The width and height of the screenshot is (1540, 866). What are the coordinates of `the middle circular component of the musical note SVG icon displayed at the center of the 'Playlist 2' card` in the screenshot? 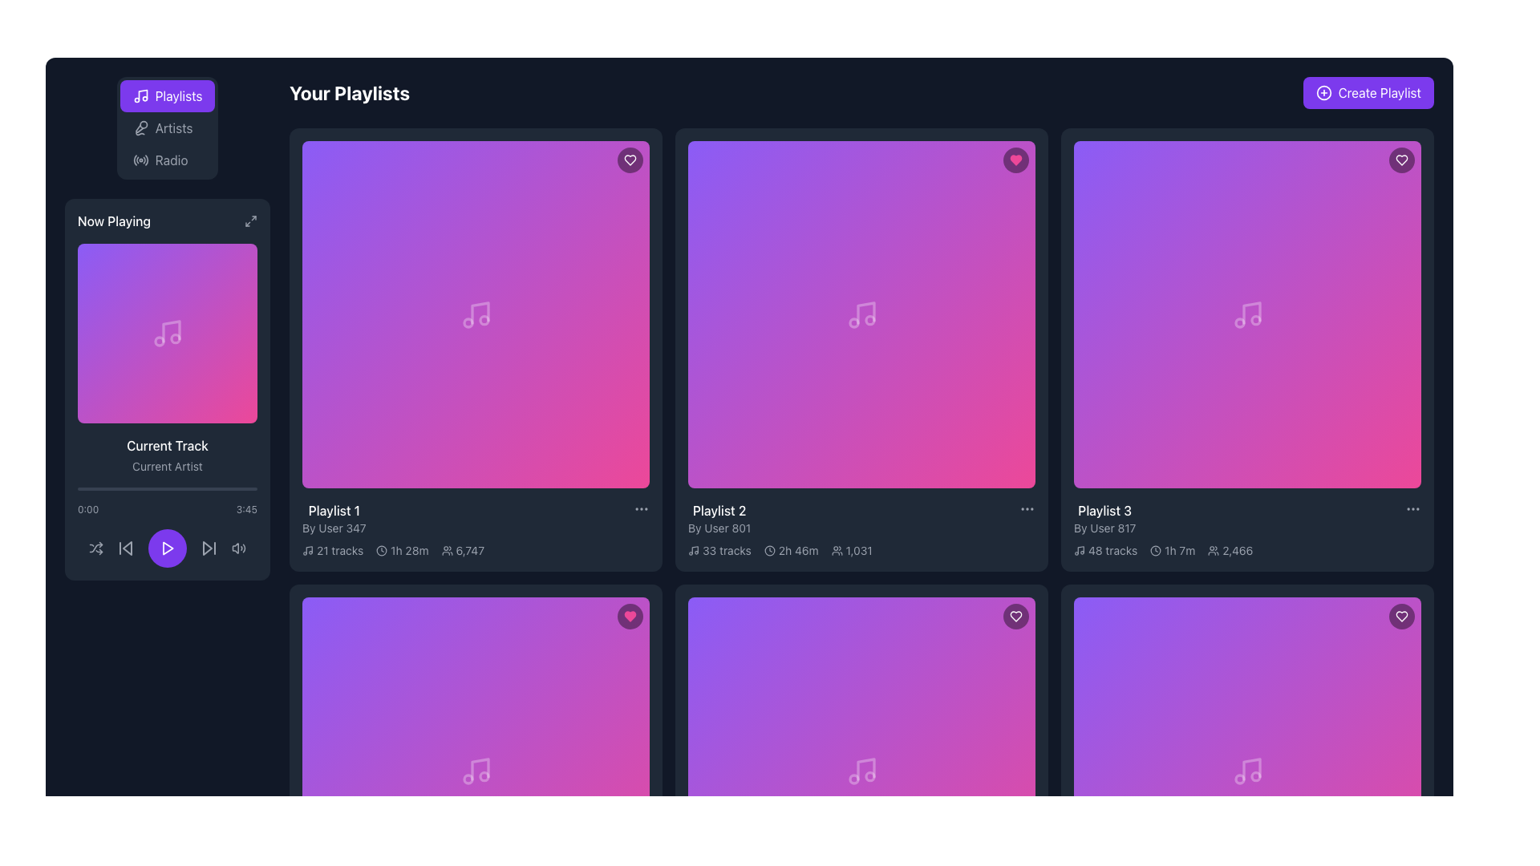 It's located at (853, 322).